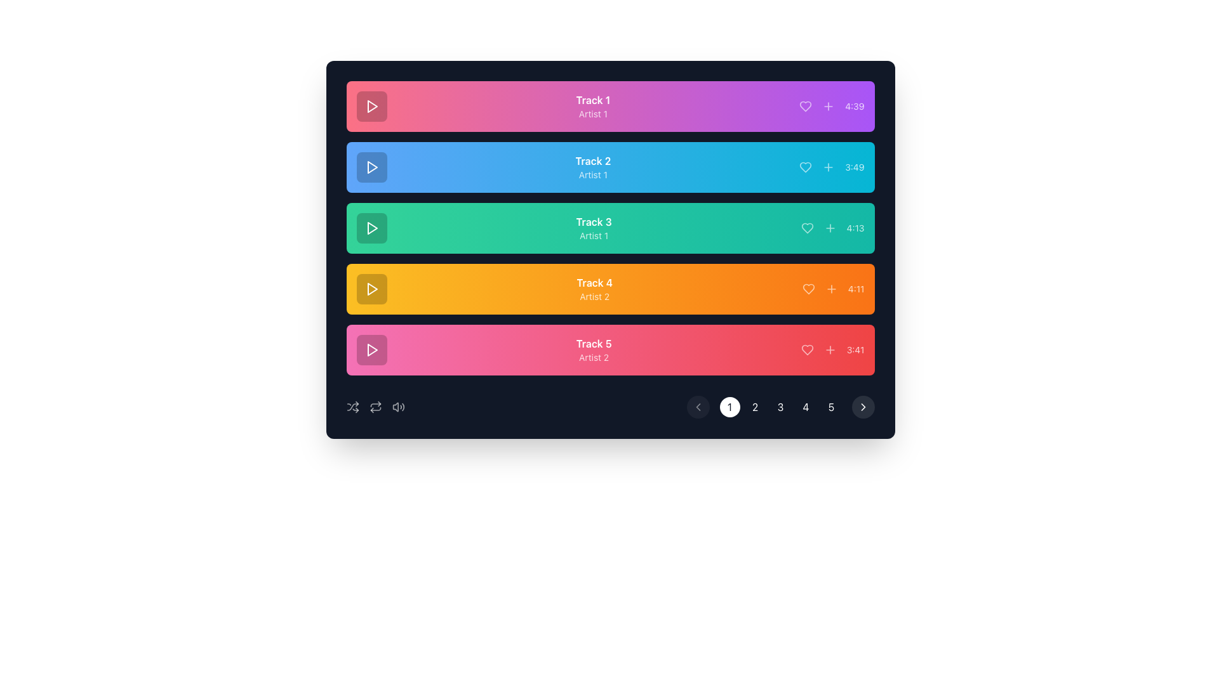 The image size is (1219, 685). What do you see at coordinates (697, 407) in the screenshot?
I see `the 'chevron-left' icon button on the pagination control bar to go to the previous page` at bounding box center [697, 407].